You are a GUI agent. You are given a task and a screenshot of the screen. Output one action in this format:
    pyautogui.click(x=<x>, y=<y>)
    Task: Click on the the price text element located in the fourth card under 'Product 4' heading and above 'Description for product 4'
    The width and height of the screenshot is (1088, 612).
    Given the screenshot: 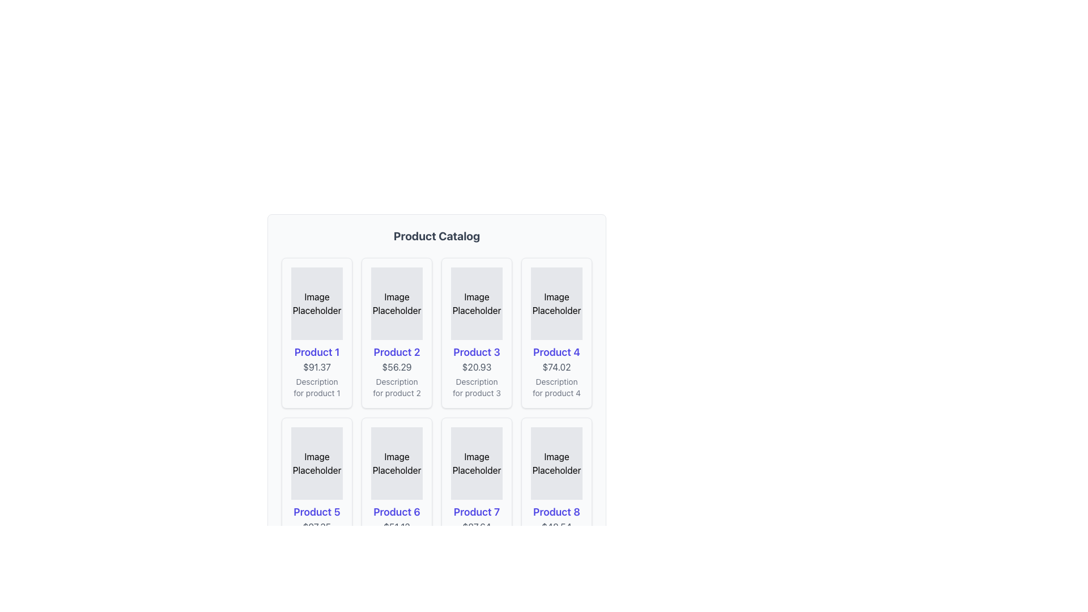 What is the action you would take?
    pyautogui.click(x=556, y=367)
    